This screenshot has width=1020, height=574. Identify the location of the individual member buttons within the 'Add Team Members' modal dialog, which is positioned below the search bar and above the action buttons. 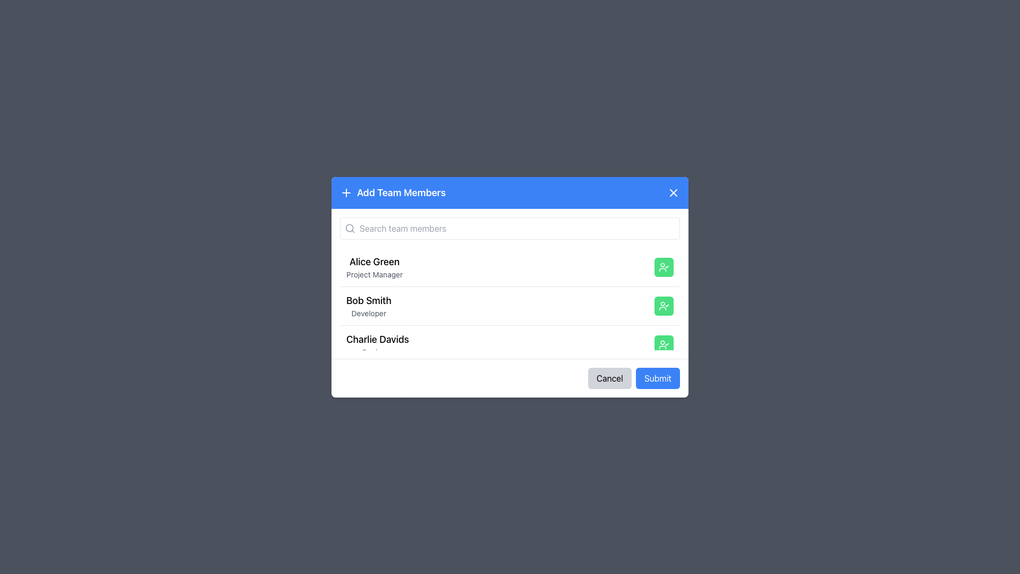
(510, 282).